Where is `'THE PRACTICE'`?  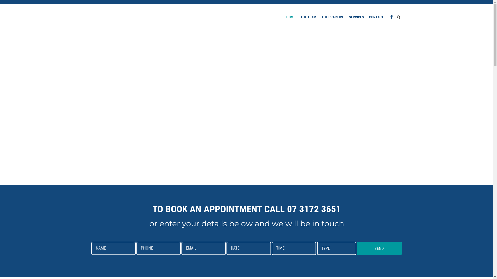 'THE PRACTICE' is located at coordinates (333, 17).